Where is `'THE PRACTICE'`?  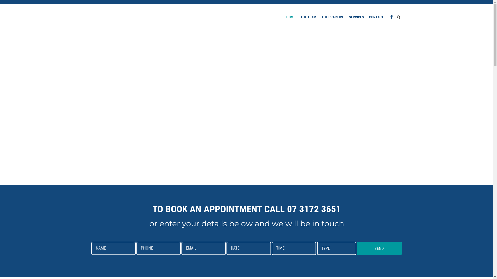 'THE PRACTICE' is located at coordinates (333, 17).